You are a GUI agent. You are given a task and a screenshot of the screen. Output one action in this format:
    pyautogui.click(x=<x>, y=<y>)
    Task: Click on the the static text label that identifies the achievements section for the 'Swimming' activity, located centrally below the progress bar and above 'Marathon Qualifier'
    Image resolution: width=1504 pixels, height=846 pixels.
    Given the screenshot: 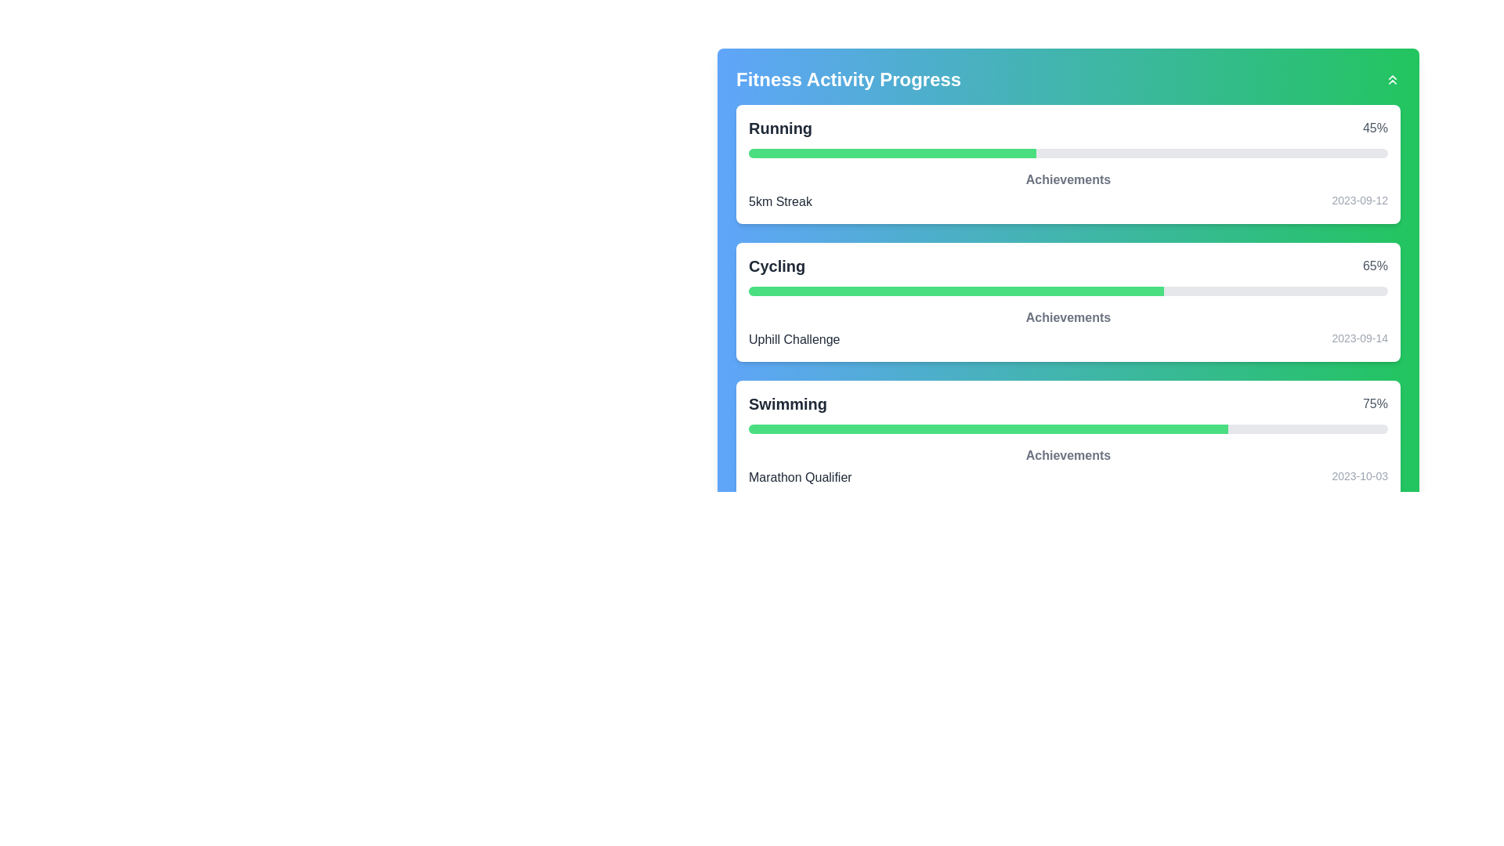 What is the action you would take?
    pyautogui.click(x=1067, y=456)
    